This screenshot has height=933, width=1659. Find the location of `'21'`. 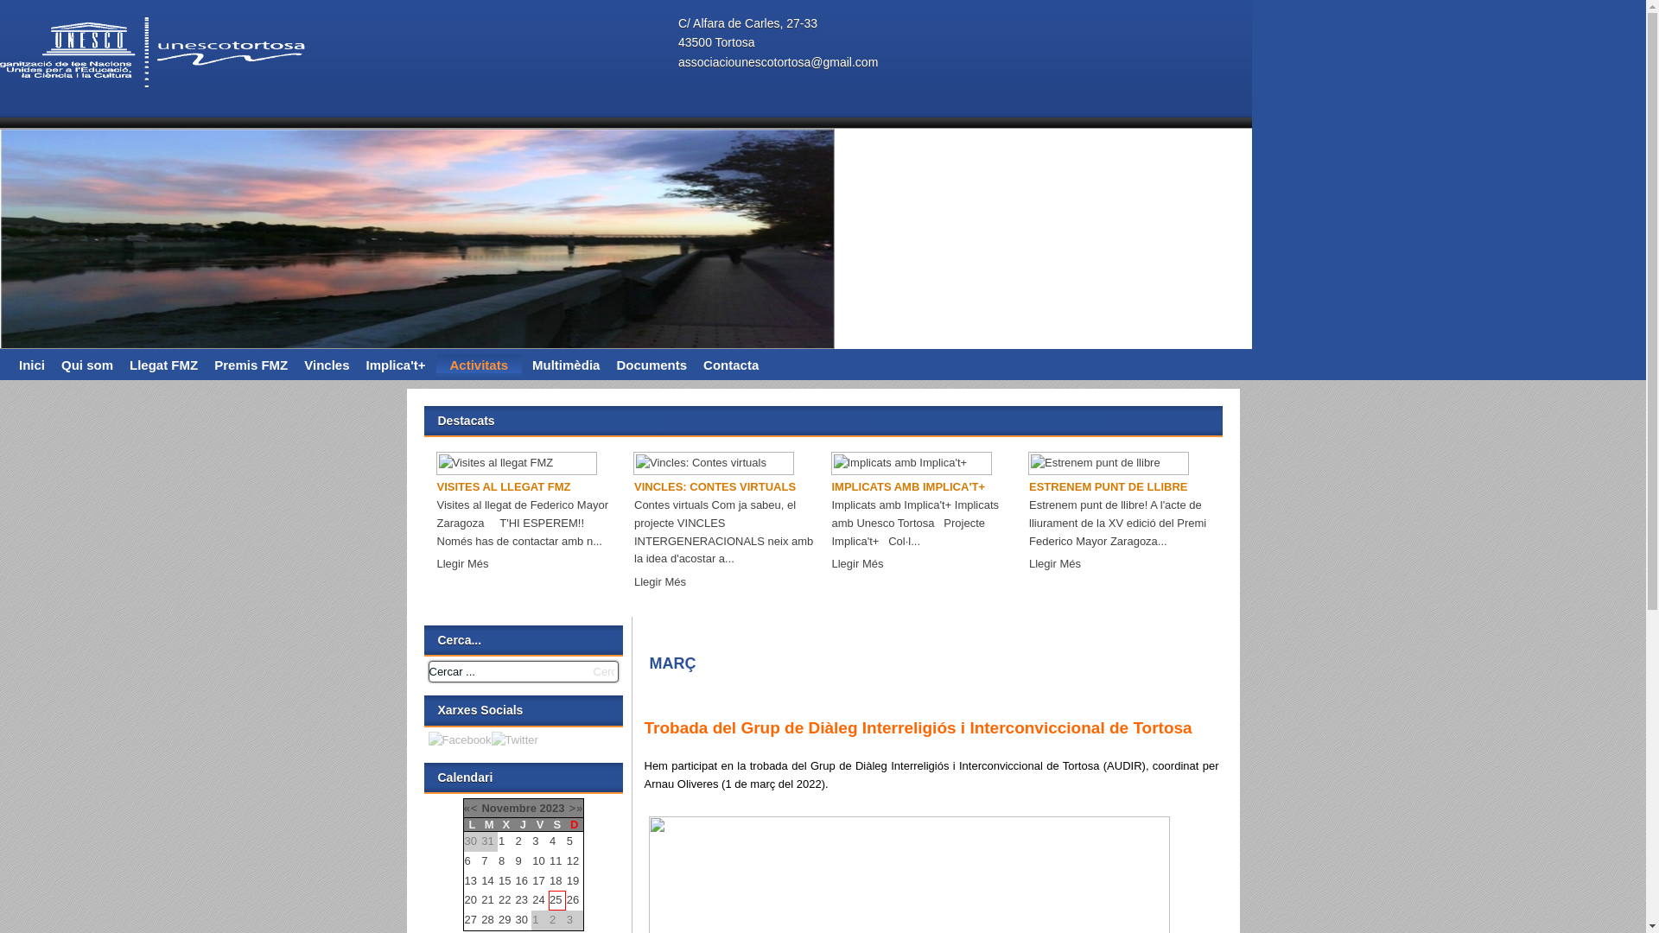

'21' is located at coordinates (480, 898).